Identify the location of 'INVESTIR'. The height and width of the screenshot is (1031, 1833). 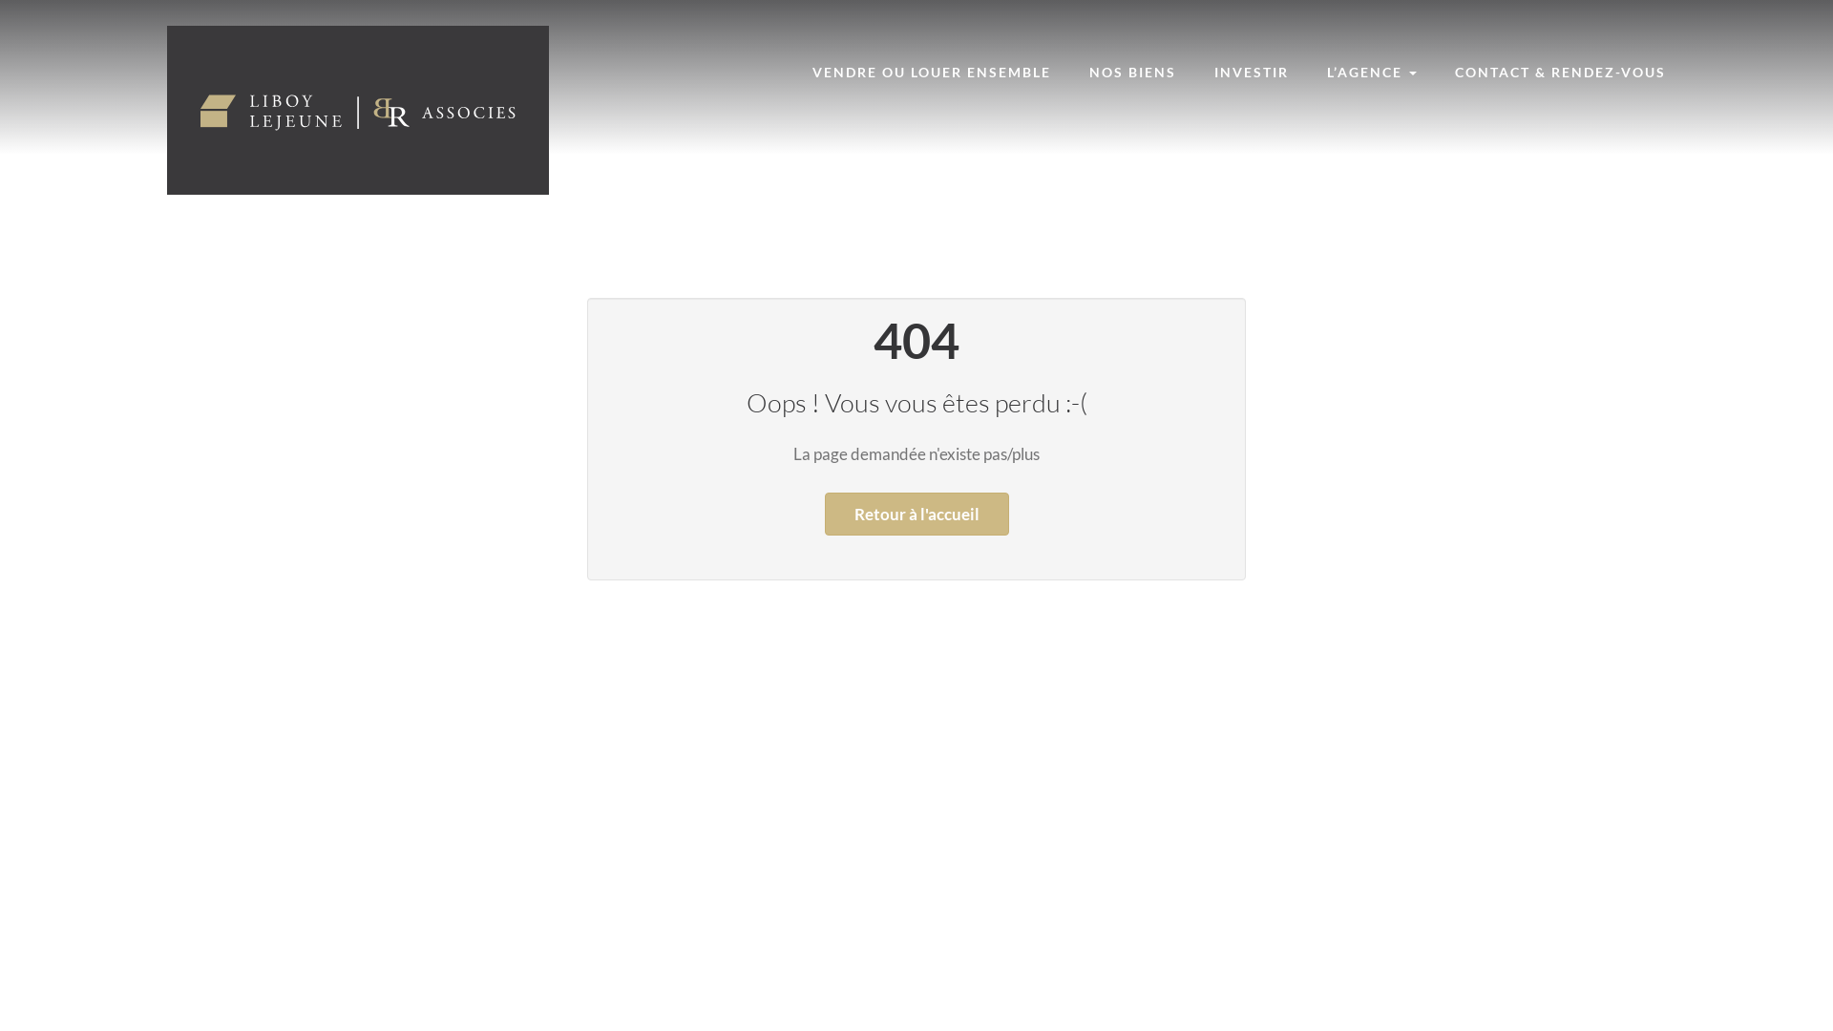
(1251, 71).